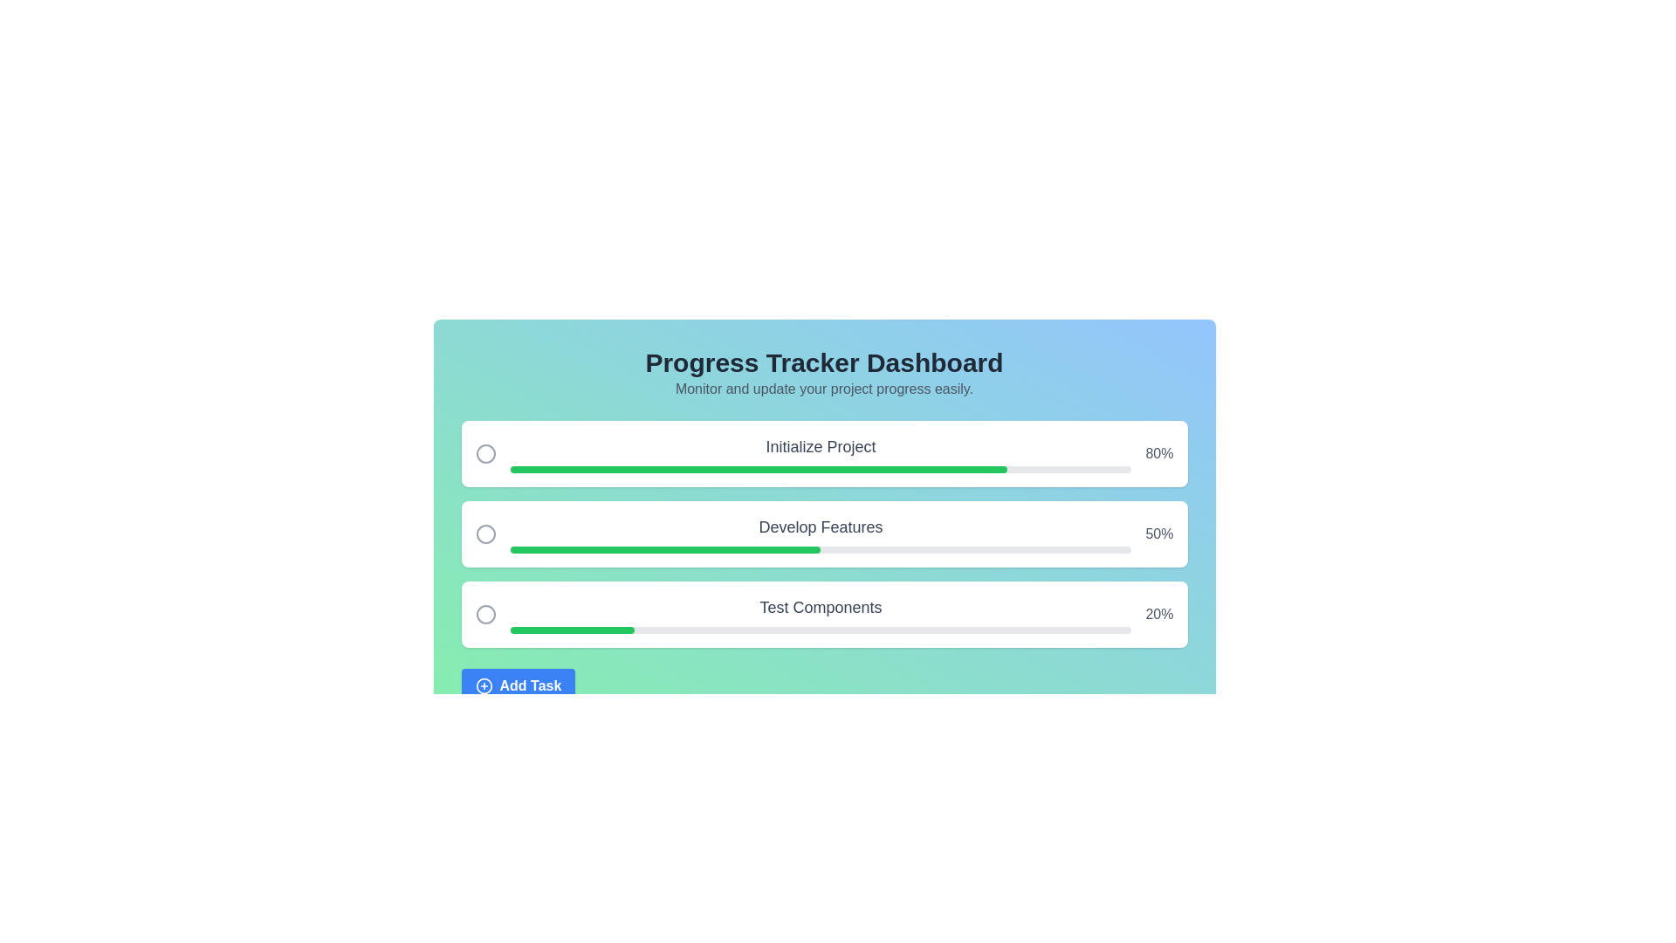 This screenshot has width=1676, height=943. Describe the element at coordinates (820, 606) in the screenshot. I see `the 'Test Components' text label, which is styled with medium-sized gray text and positioned above the associated progress bar within the third progress tracker row` at that location.